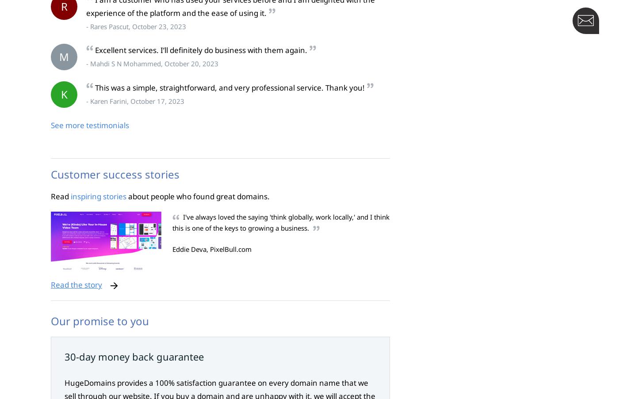  Describe the element at coordinates (201, 50) in the screenshot. I see `'Excellent services. I’ll definitely do business with them again.'` at that location.